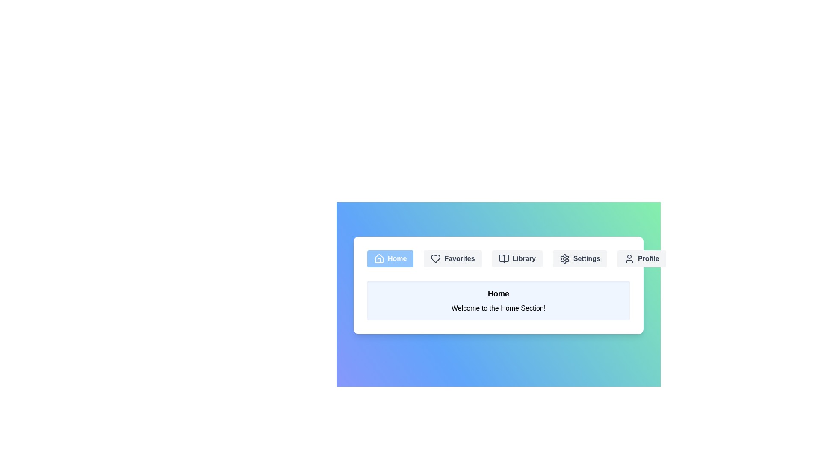 The width and height of the screenshot is (821, 462). What do you see at coordinates (499, 293) in the screenshot?
I see `the text label indicating the name of the current section or page, which is centered horizontally within a light blue background below the main navigation bar` at bounding box center [499, 293].